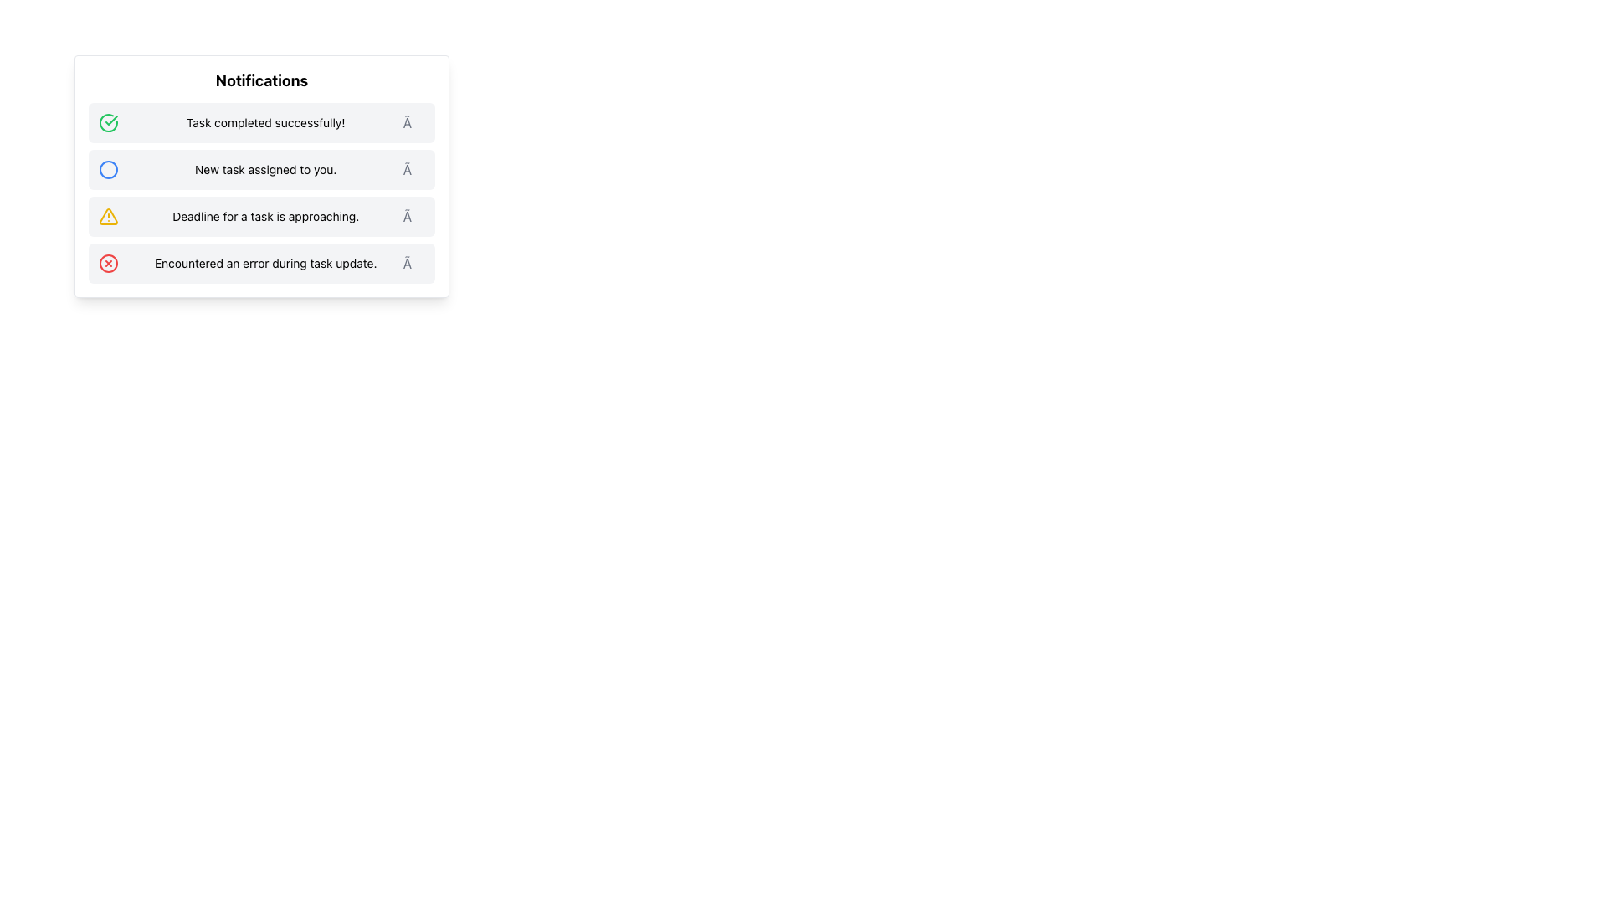 The image size is (1607, 904). What do you see at coordinates (107, 121) in the screenshot?
I see `the circular icon with a green border located to the left of the notification text for 'Task completed successfully!'` at bounding box center [107, 121].